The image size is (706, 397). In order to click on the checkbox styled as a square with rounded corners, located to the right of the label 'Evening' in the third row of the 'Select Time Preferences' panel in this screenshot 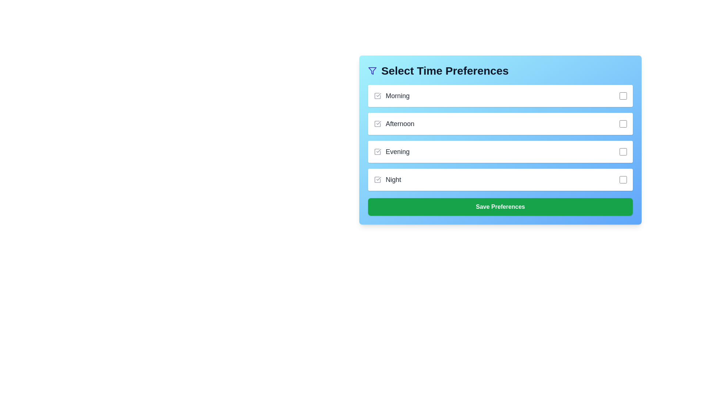, I will do `click(623, 151)`.